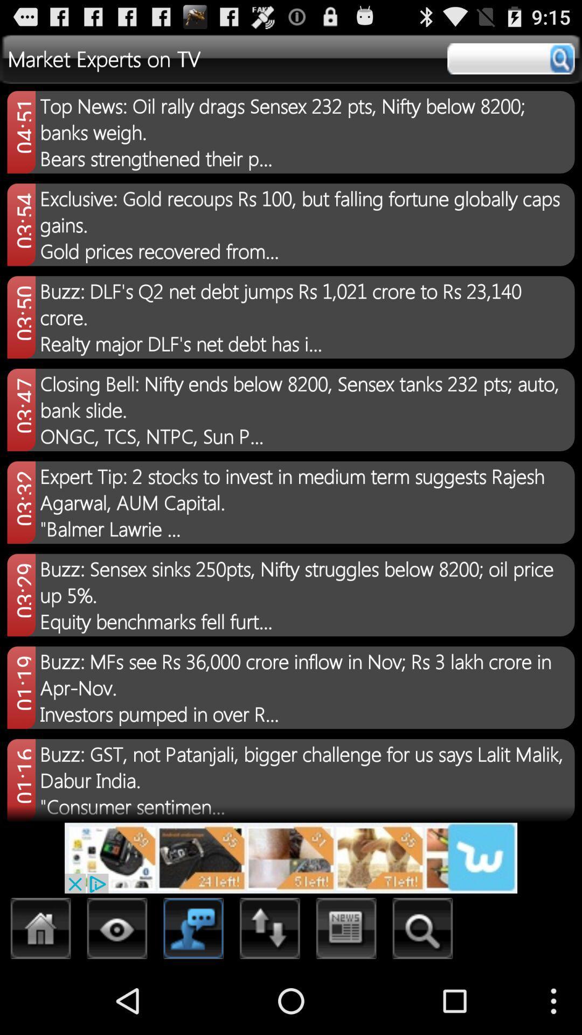  What do you see at coordinates (193, 931) in the screenshot?
I see `chat` at bounding box center [193, 931].